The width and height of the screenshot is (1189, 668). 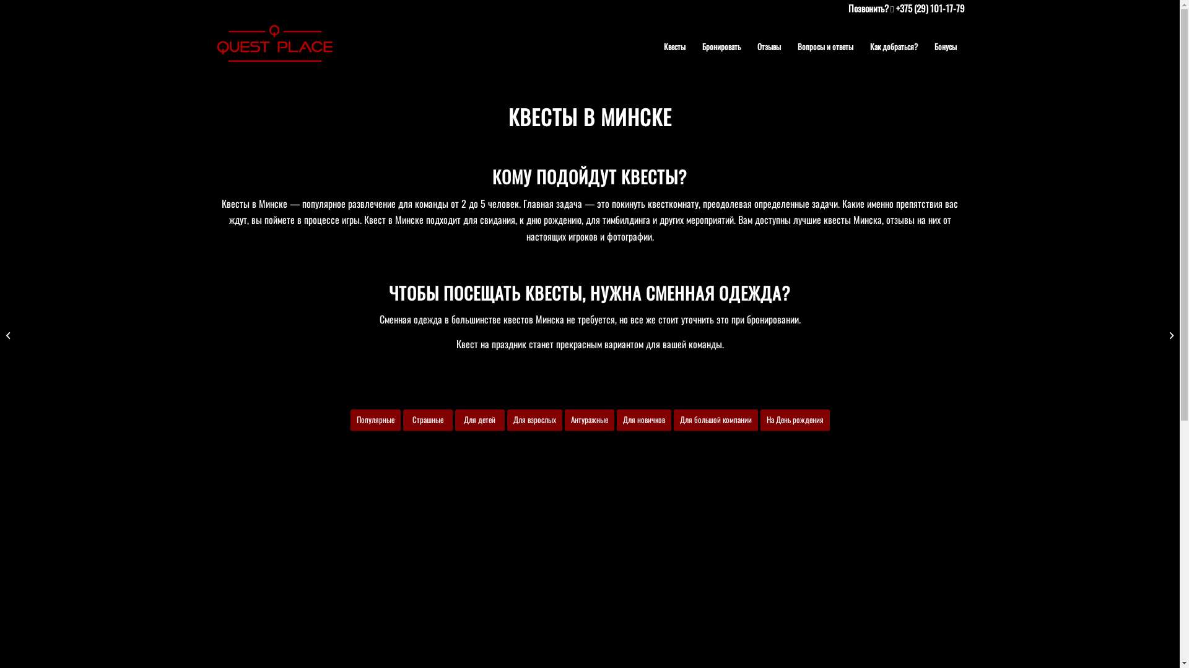 What do you see at coordinates (930, 7) in the screenshot?
I see `'+375 (29) 101-17-79'` at bounding box center [930, 7].